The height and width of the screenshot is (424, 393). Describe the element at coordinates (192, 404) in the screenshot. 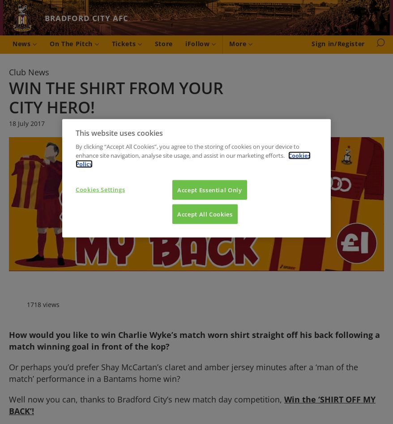

I see `'Win the ‘SHIRT OFF MY BACK’!'` at that location.